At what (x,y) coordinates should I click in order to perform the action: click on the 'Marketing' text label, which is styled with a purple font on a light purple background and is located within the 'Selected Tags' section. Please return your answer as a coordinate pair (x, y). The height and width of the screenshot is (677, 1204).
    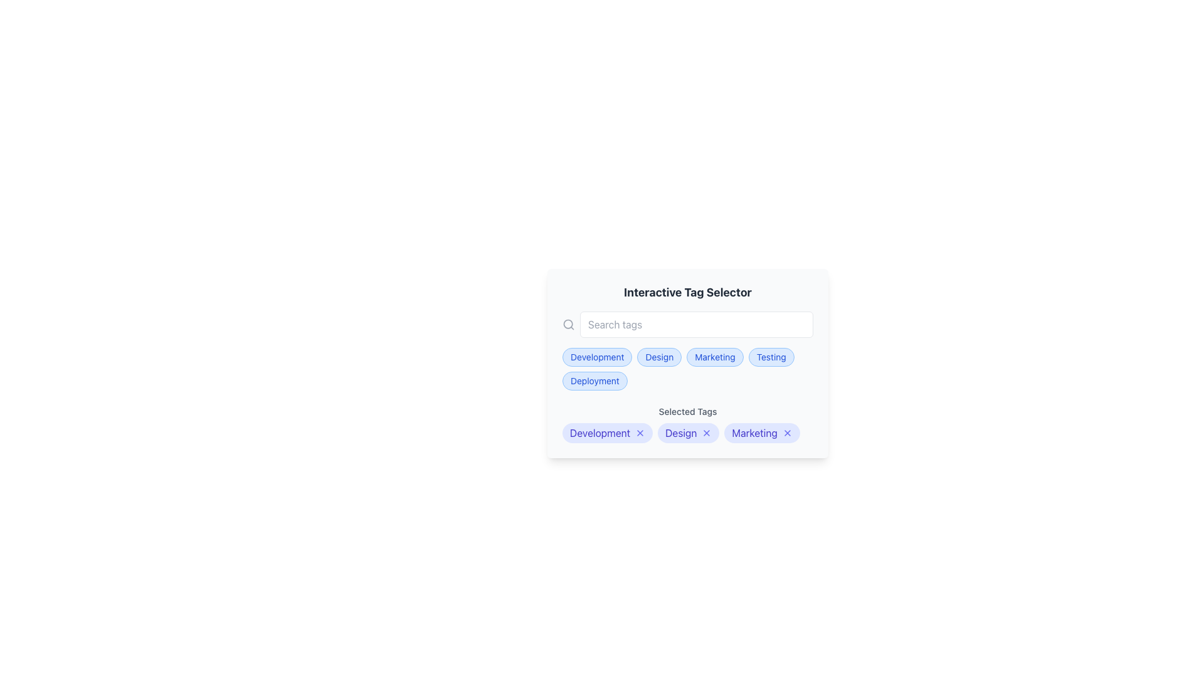
    Looking at the image, I should click on (754, 432).